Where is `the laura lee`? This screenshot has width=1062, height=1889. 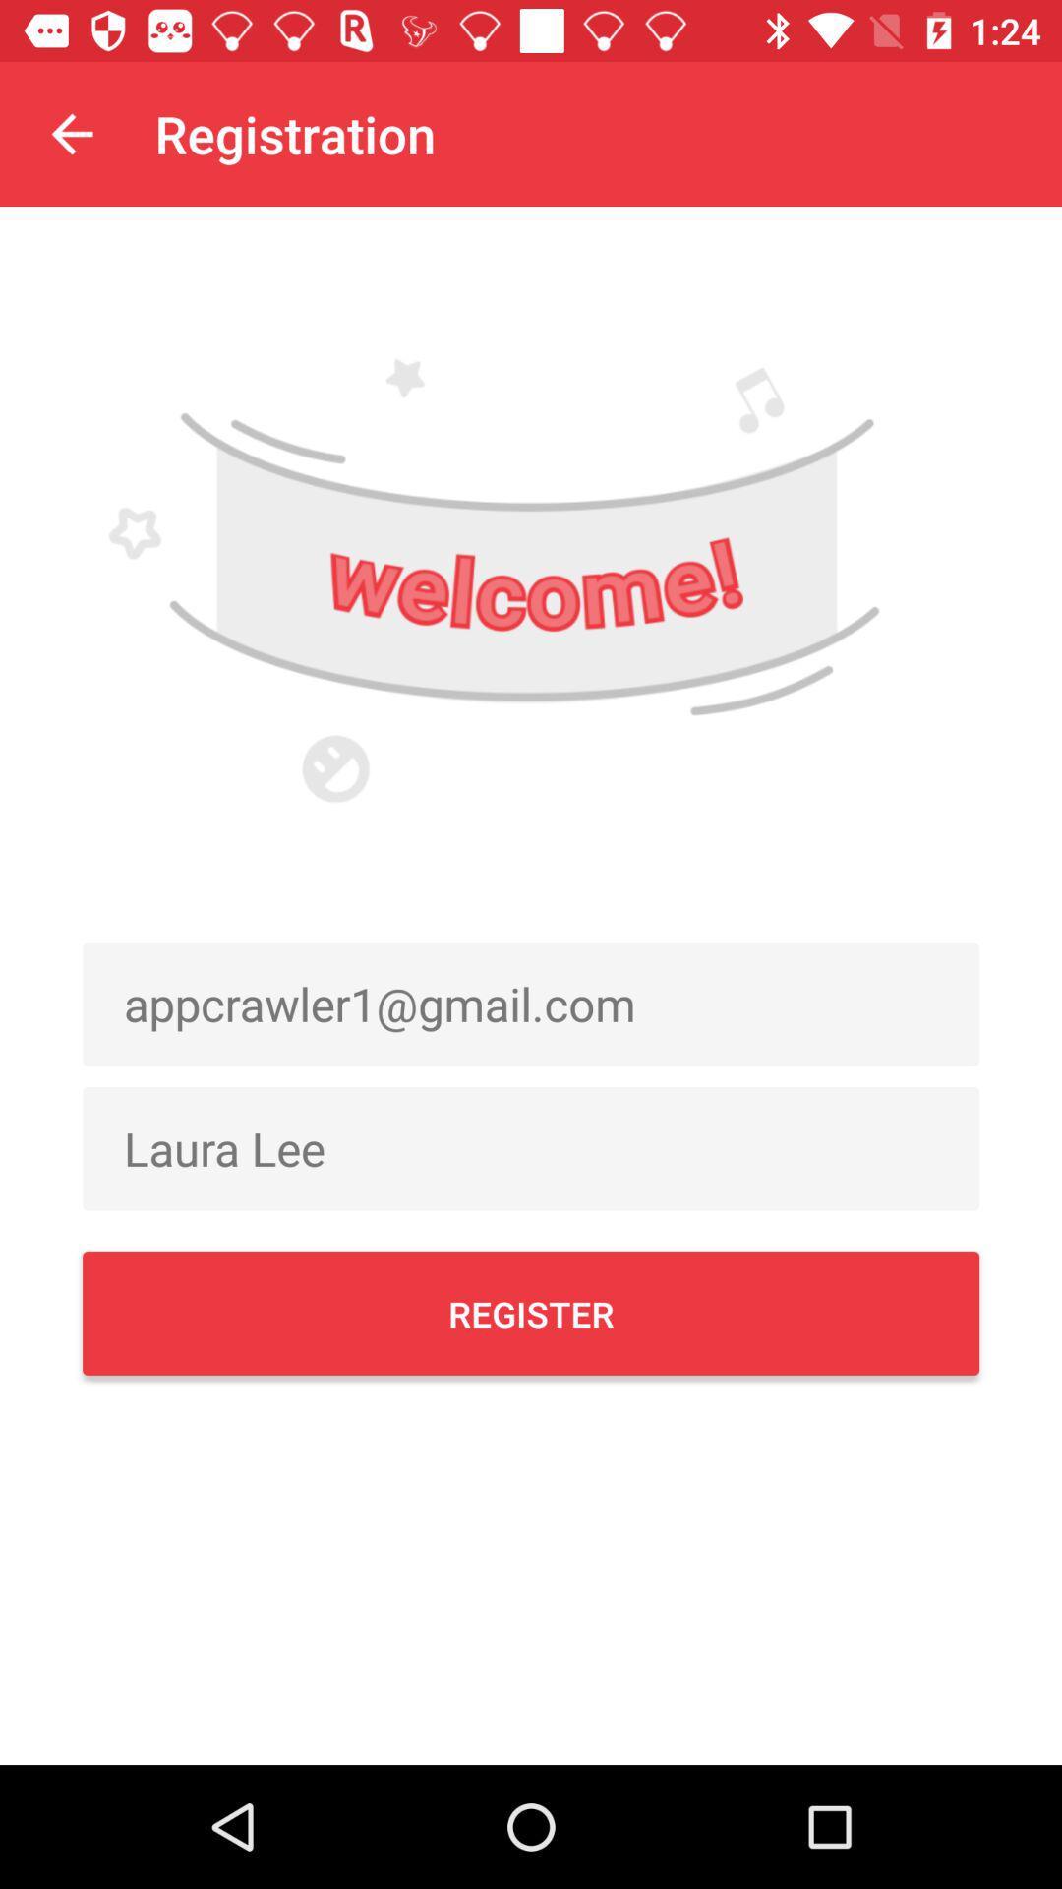 the laura lee is located at coordinates (531, 1148).